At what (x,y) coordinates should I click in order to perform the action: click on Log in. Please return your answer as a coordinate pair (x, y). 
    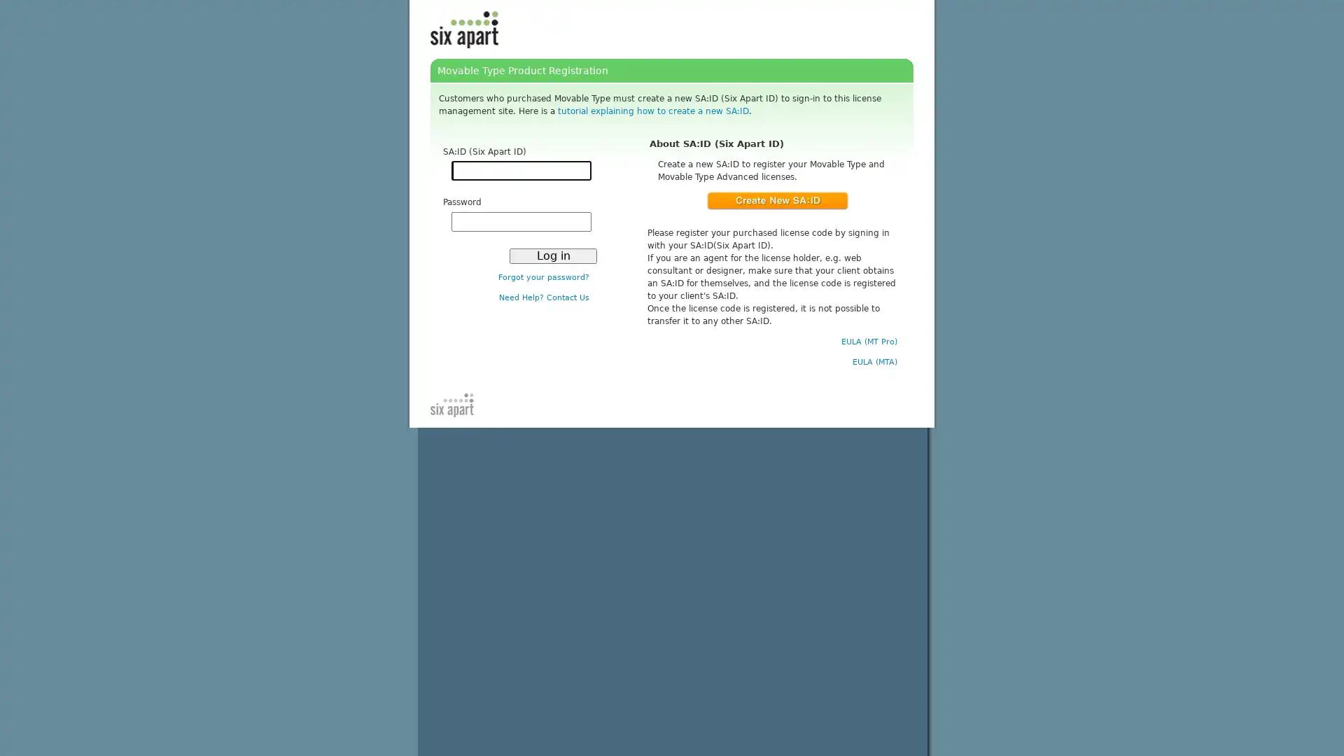
    Looking at the image, I should click on (552, 255).